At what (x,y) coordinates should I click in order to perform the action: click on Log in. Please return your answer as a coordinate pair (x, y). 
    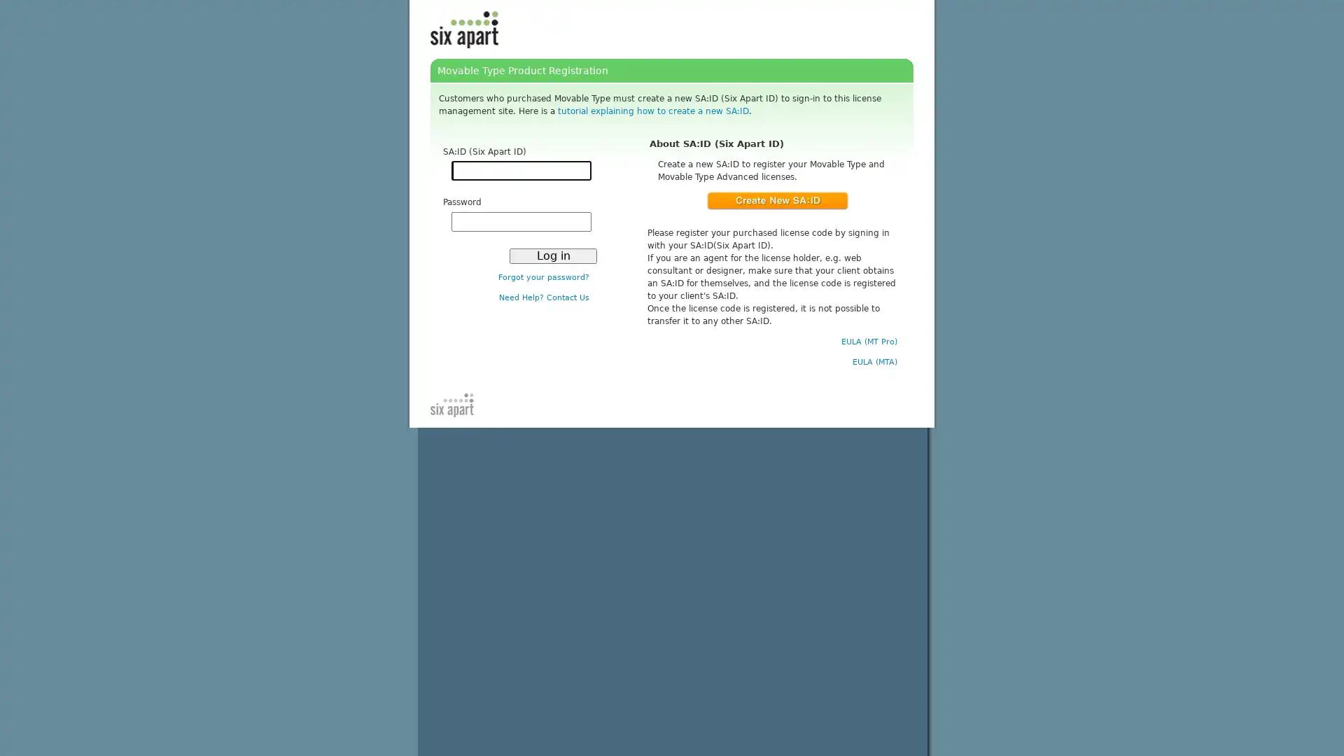
    Looking at the image, I should click on (552, 255).